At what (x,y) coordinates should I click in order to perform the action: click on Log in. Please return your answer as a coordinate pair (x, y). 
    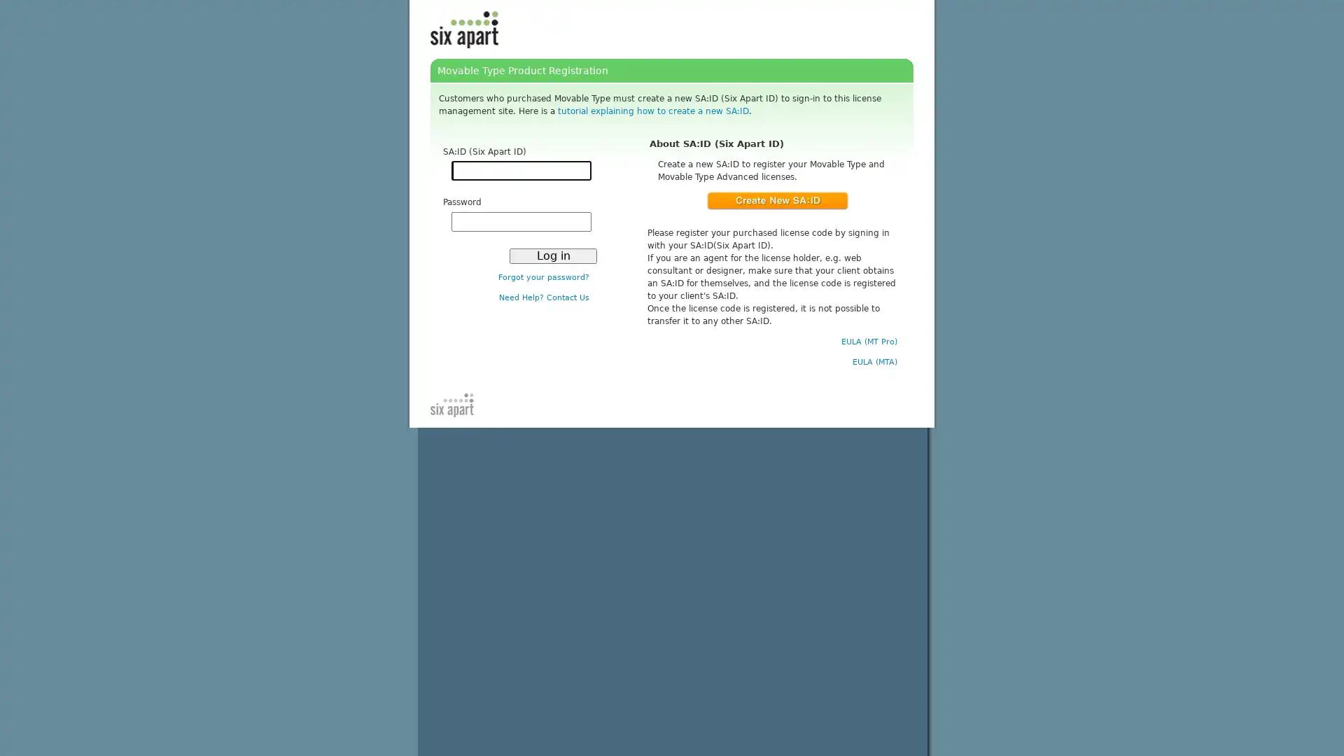
    Looking at the image, I should click on (552, 255).